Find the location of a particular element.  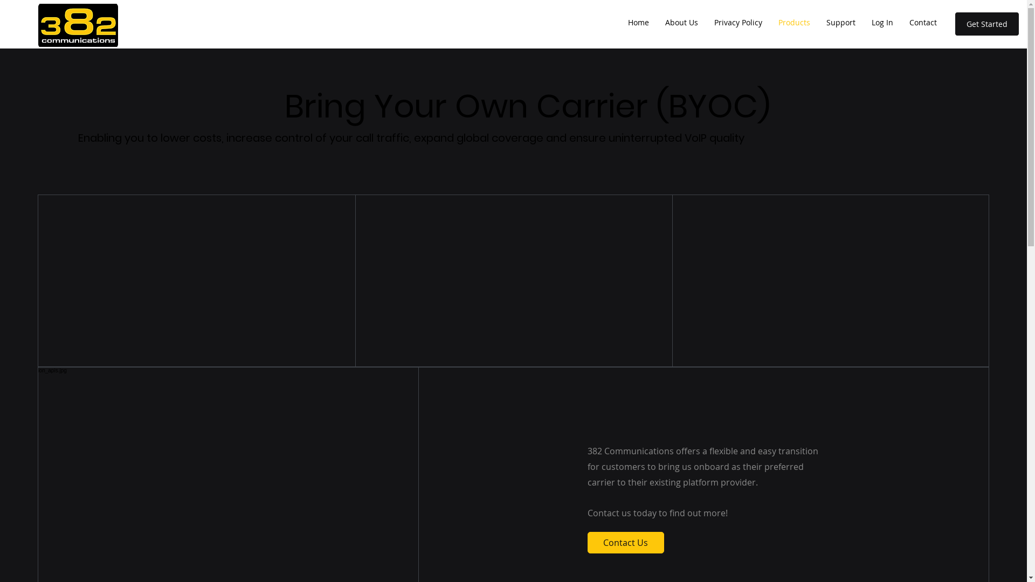

'Log In' is located at coordinates (882, 23).